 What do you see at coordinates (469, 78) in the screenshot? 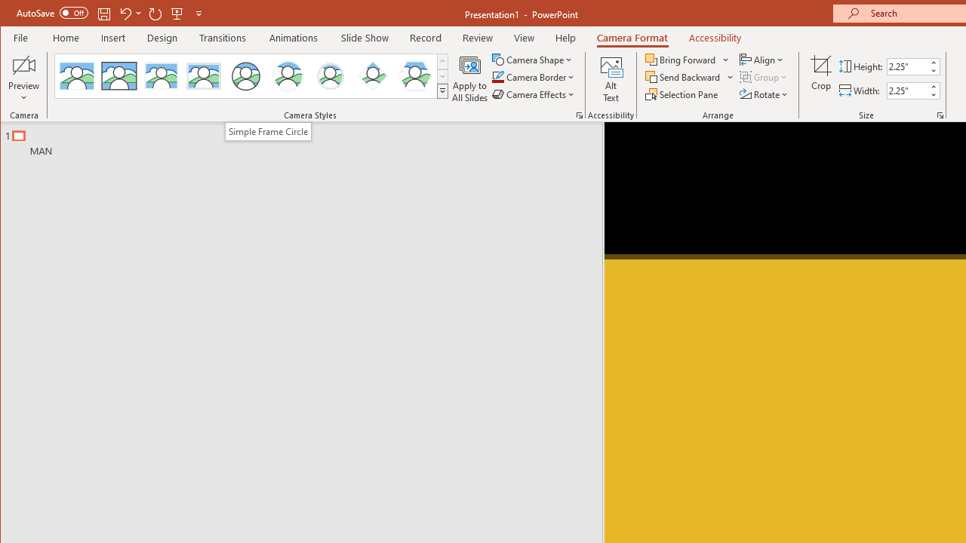
I see `'Apply to All Slides'` at bounding box center [469, 78].